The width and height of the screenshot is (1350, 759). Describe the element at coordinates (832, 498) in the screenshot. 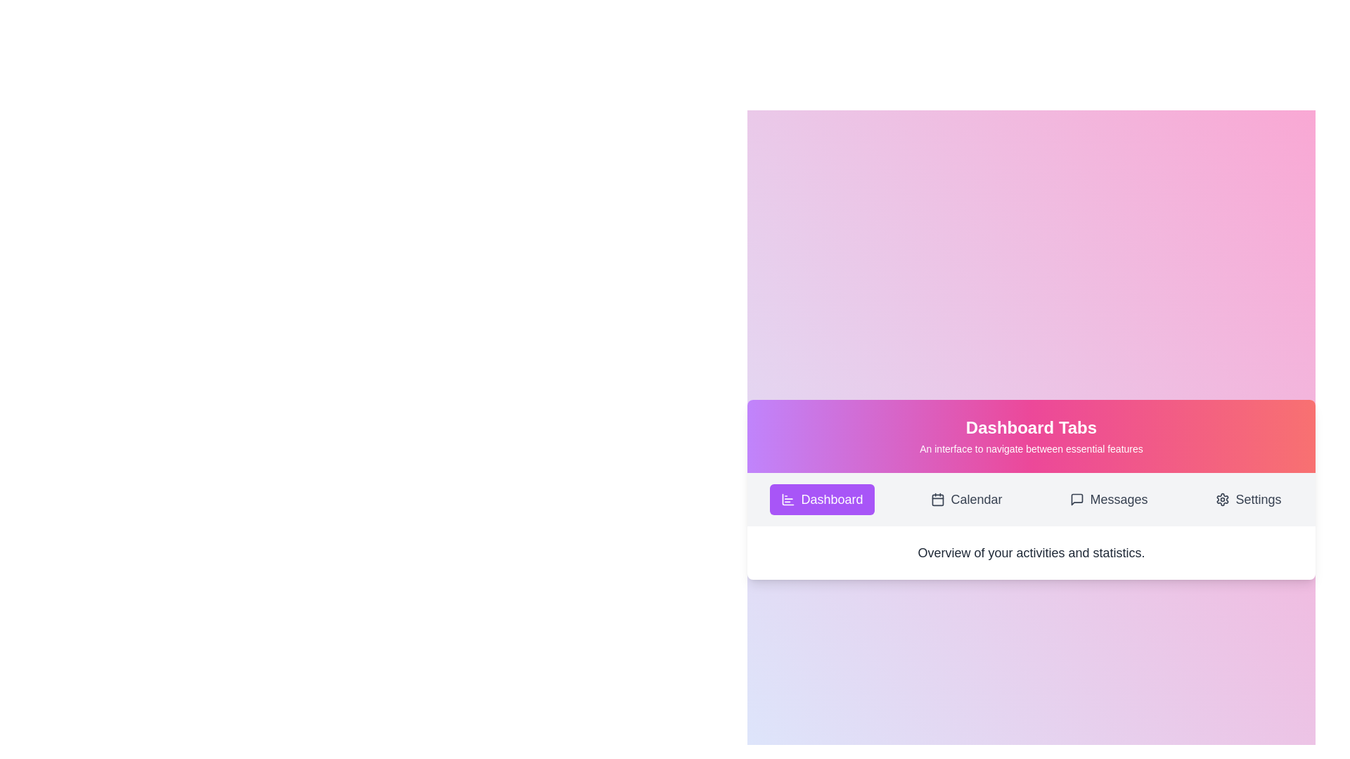

I see `the text label that serves as a navigational button` at that location.